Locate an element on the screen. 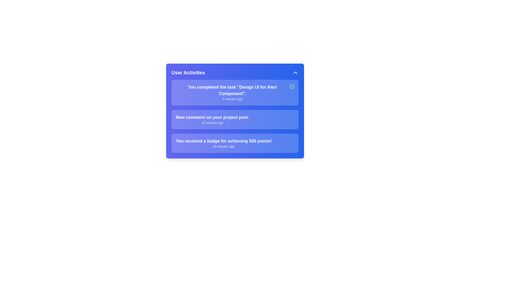 The height and width of the screenshot is (291, 517). the text label that serves as the title for a notification regarding a new interaction on a user's project post is located at coordinates (212, 117).